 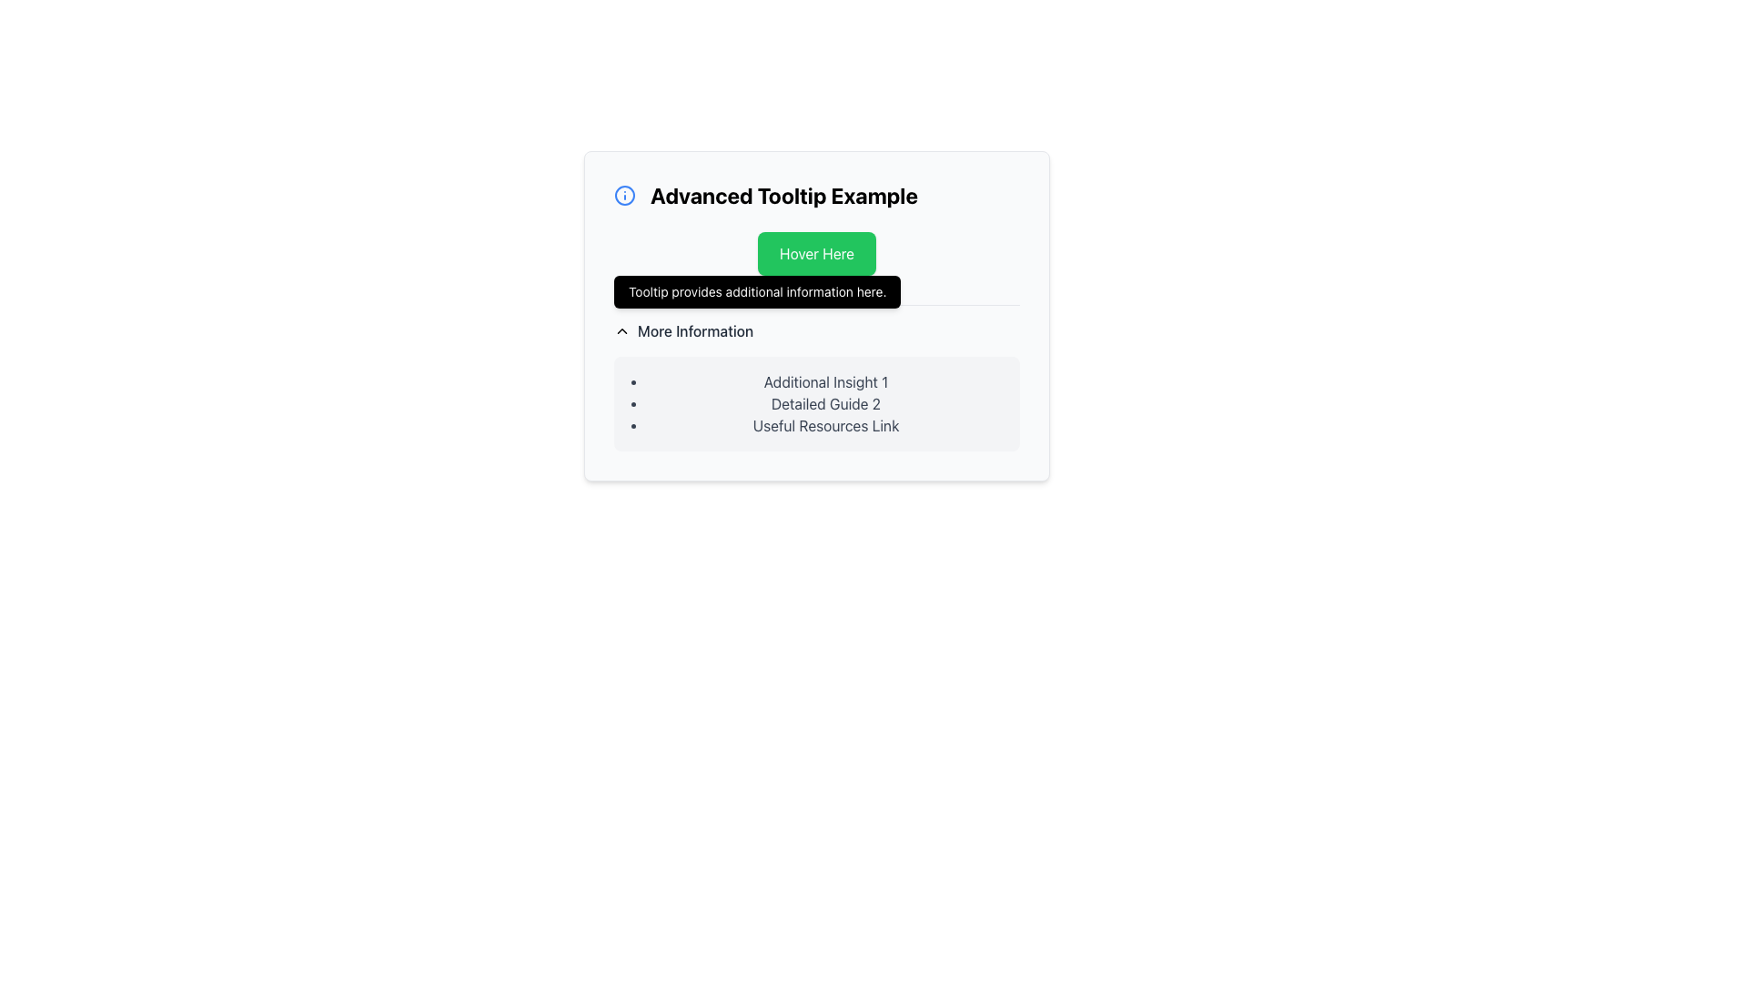 I want to click on the SVG Circle element that serves as a backdrop for the icon in the 'Advanced Tooltip Example' card located at the top-left corner, so click(x=624, y=196).